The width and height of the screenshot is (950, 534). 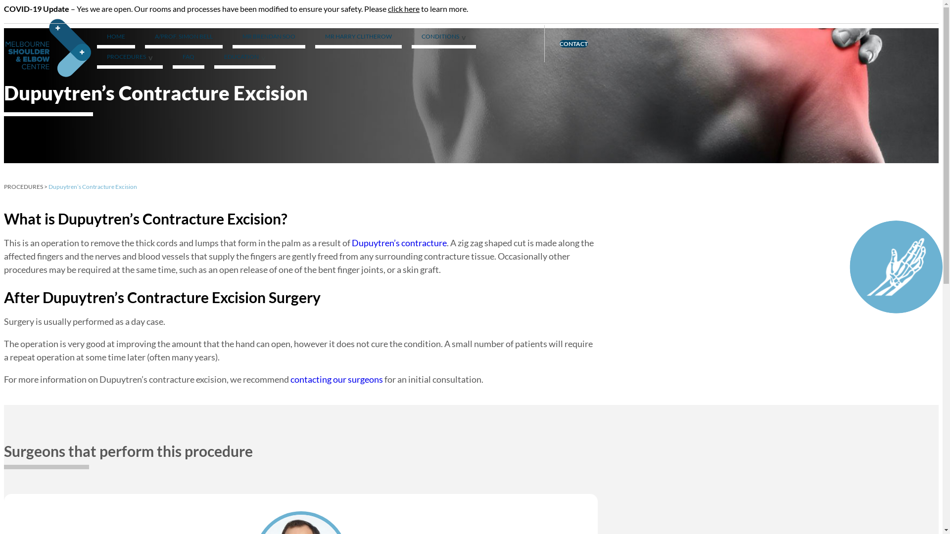 What do you see at coordinates (443, 38) in the screenshot?
I see `'CONDITIONS'` at bounding box center [443, 38].